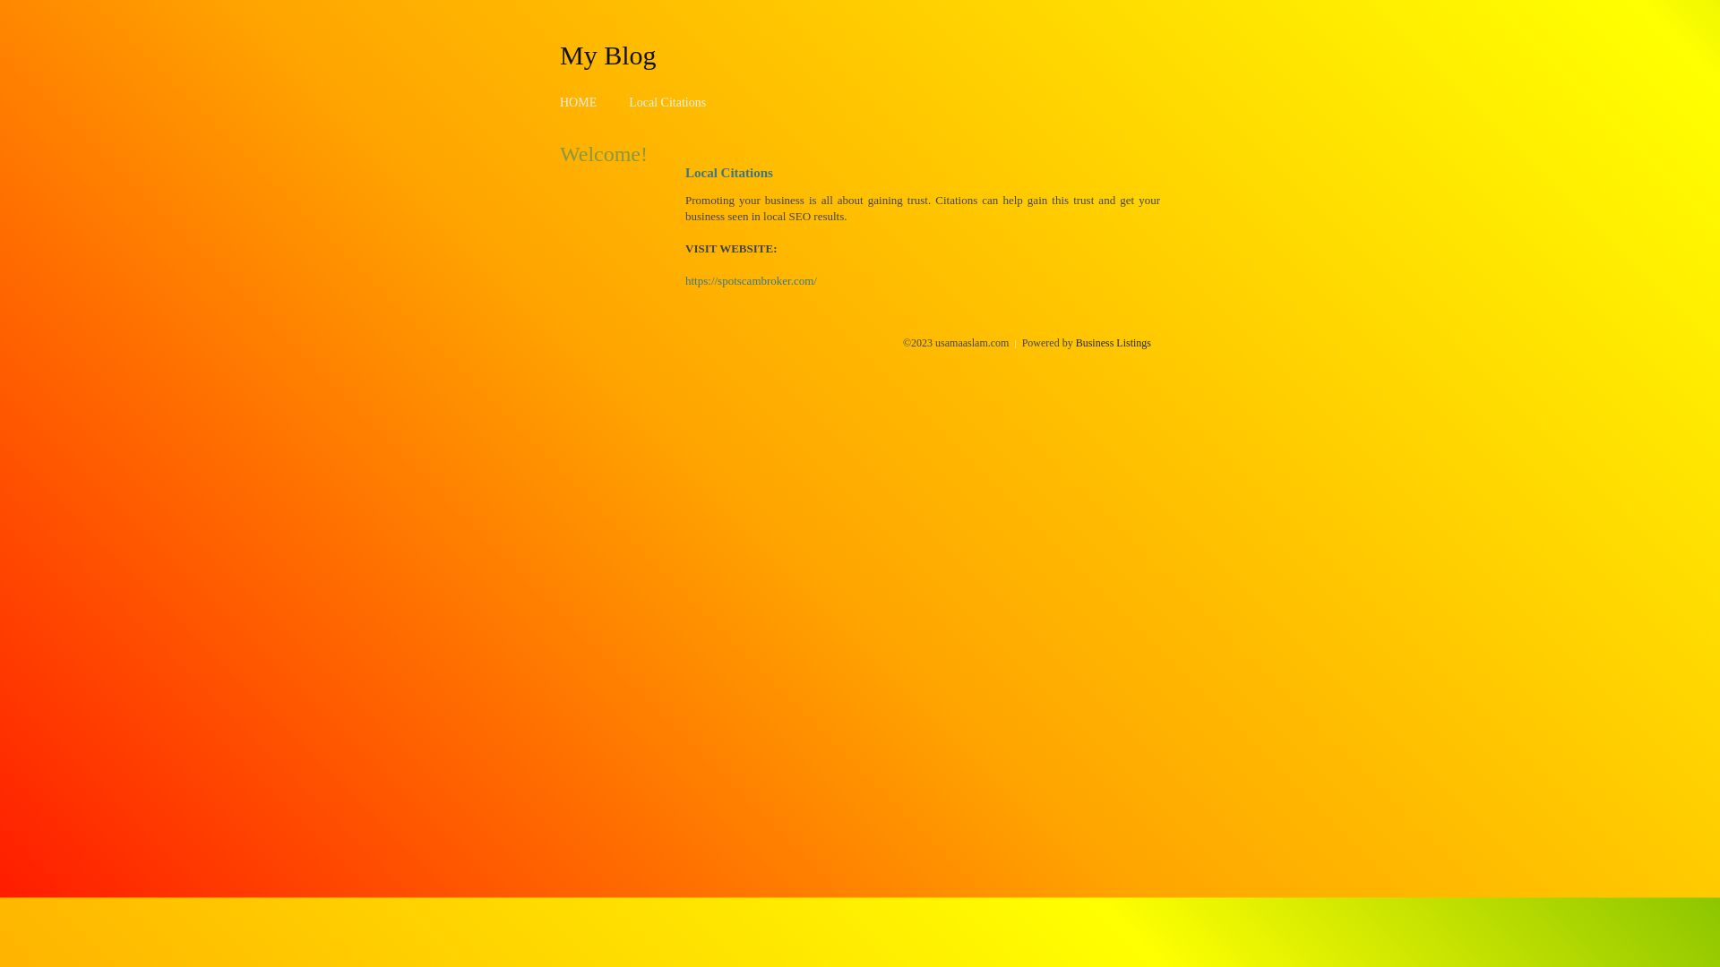 The height and width of the screenshot is (967, 1720). What do you see at coordinates (751, 280) in the screenshot?
I see `'https://spotscambroker.com/'` at bounding box center [751, 280].